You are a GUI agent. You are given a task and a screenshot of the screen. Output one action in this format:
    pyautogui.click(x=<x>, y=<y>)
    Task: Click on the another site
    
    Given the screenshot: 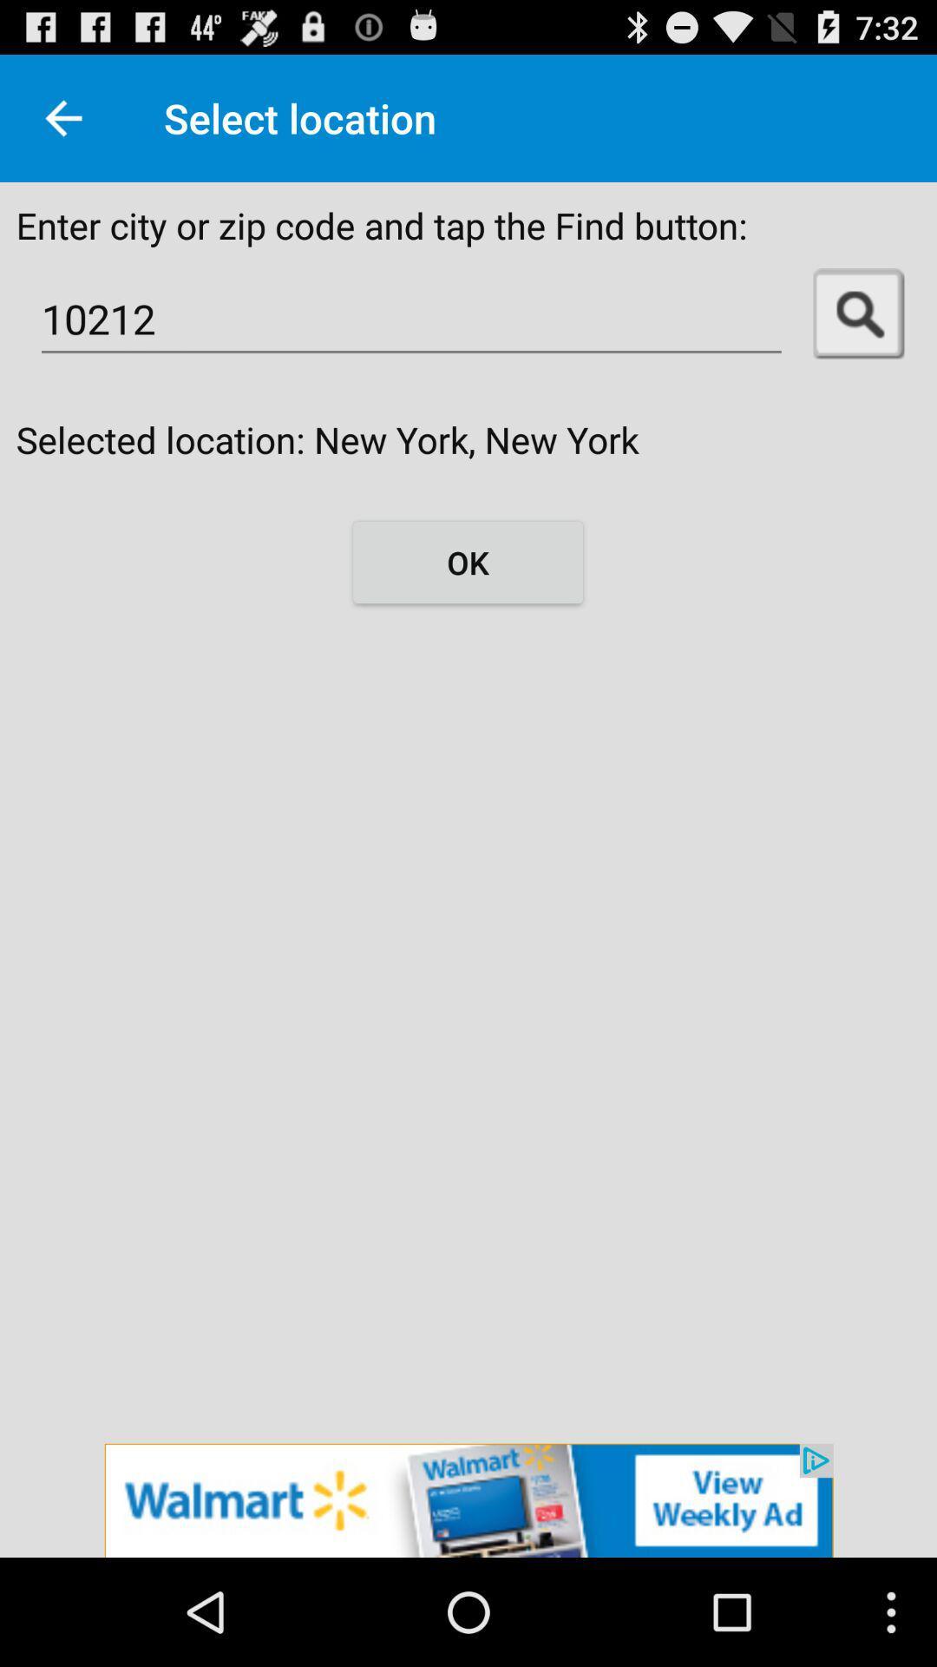 What is the action you would take?
    pyautogui.click(x=468, y=1499)
    